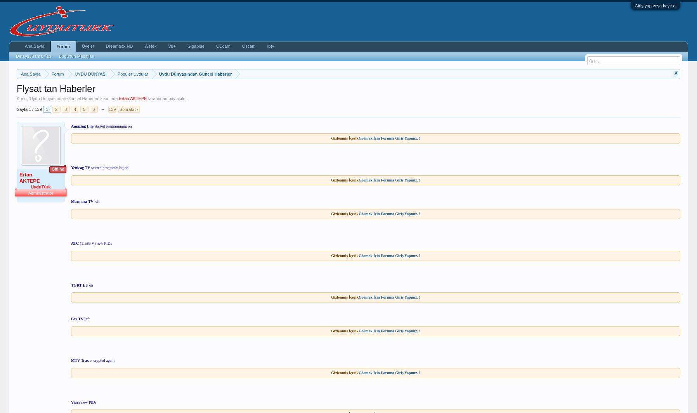  Describe the element at coordinates (23, 203) in the screenshot. I see `'Kayıt:'` at that location.